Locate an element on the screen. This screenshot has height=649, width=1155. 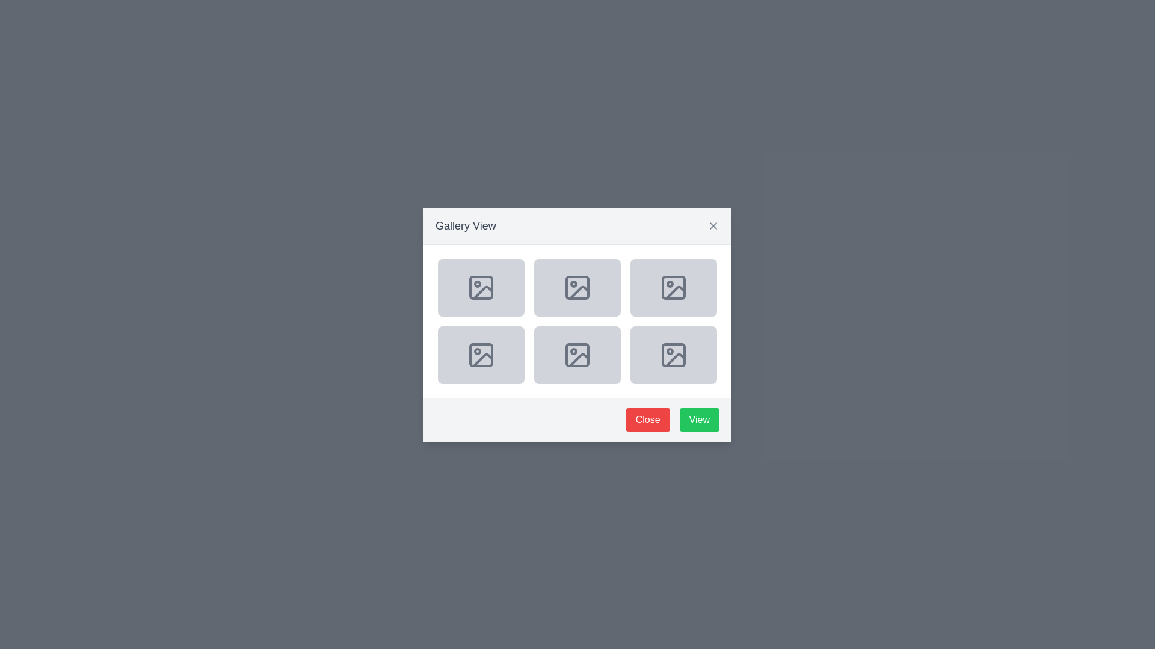
the second card in the second row of the grid layout in the 'Gallery View' modal, which is a light gray rectangular card with rounded corners and an image placeholder icon at its center is located at coordinates (577, 287).